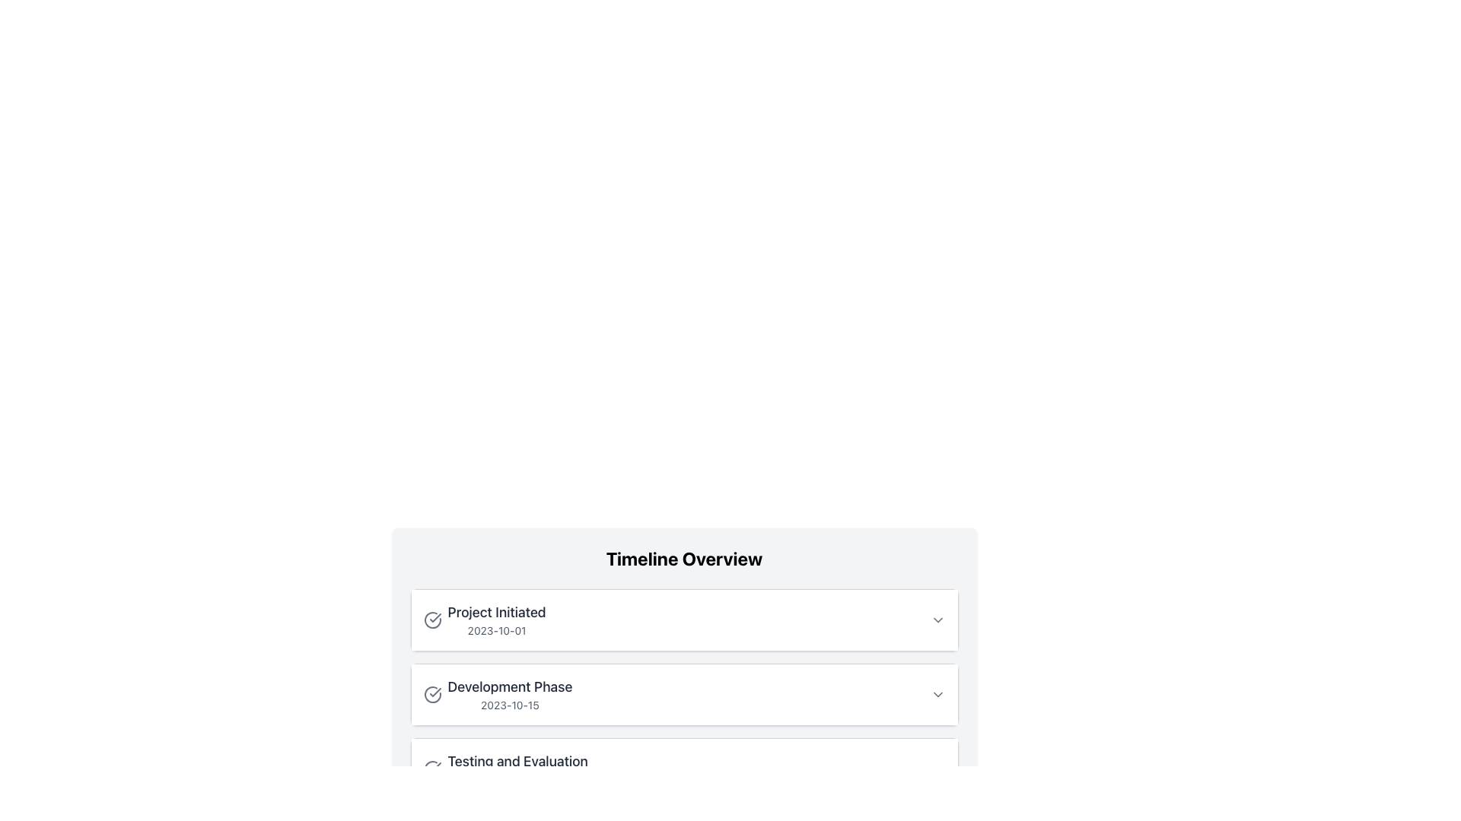  I want to click on the leftmost circular outline of the SVG icon representing 'Project Initiated' in the timeline interface, so click(431, 620).